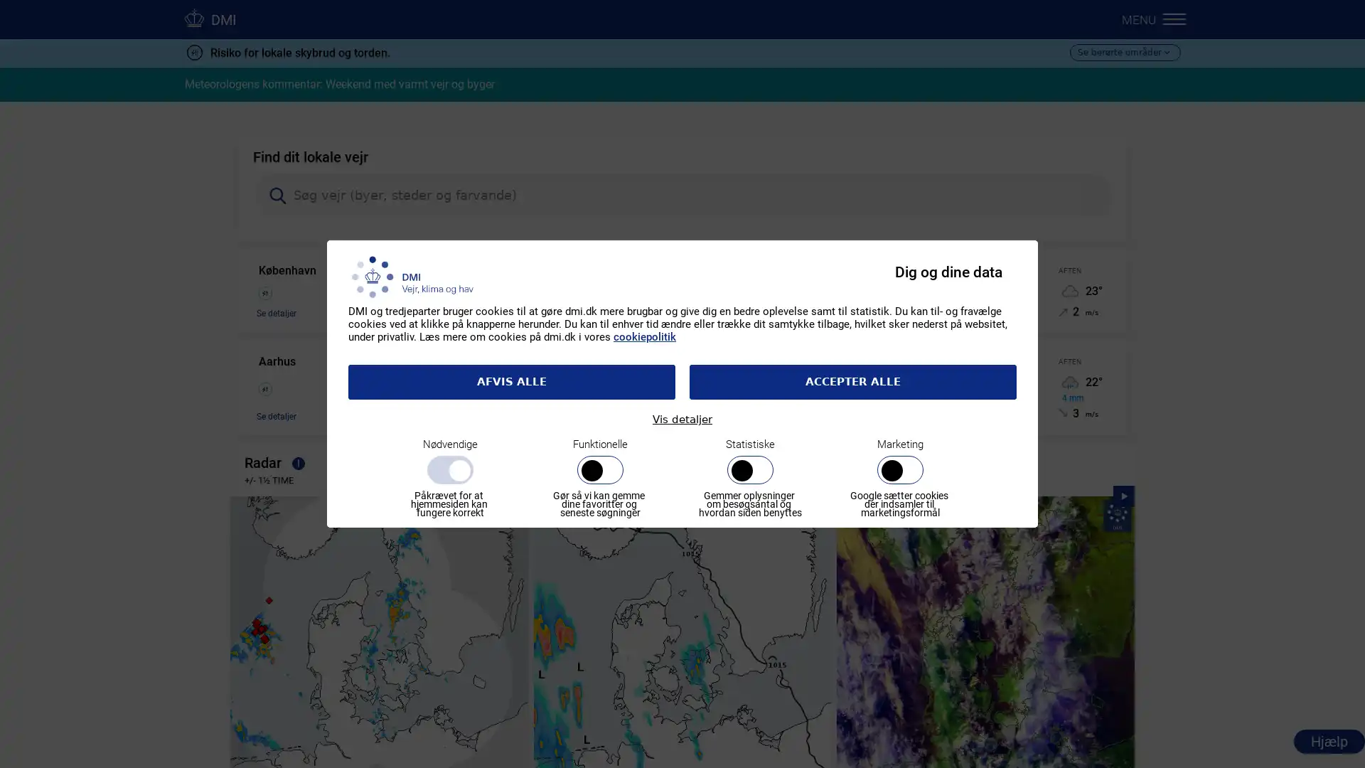 Image resolution: width=1365 pixels, height=768 pixels. What do you see at coordinates (853, 380) in the screenshot?
I see `Accepter alle` at bounding box center [853, 380].